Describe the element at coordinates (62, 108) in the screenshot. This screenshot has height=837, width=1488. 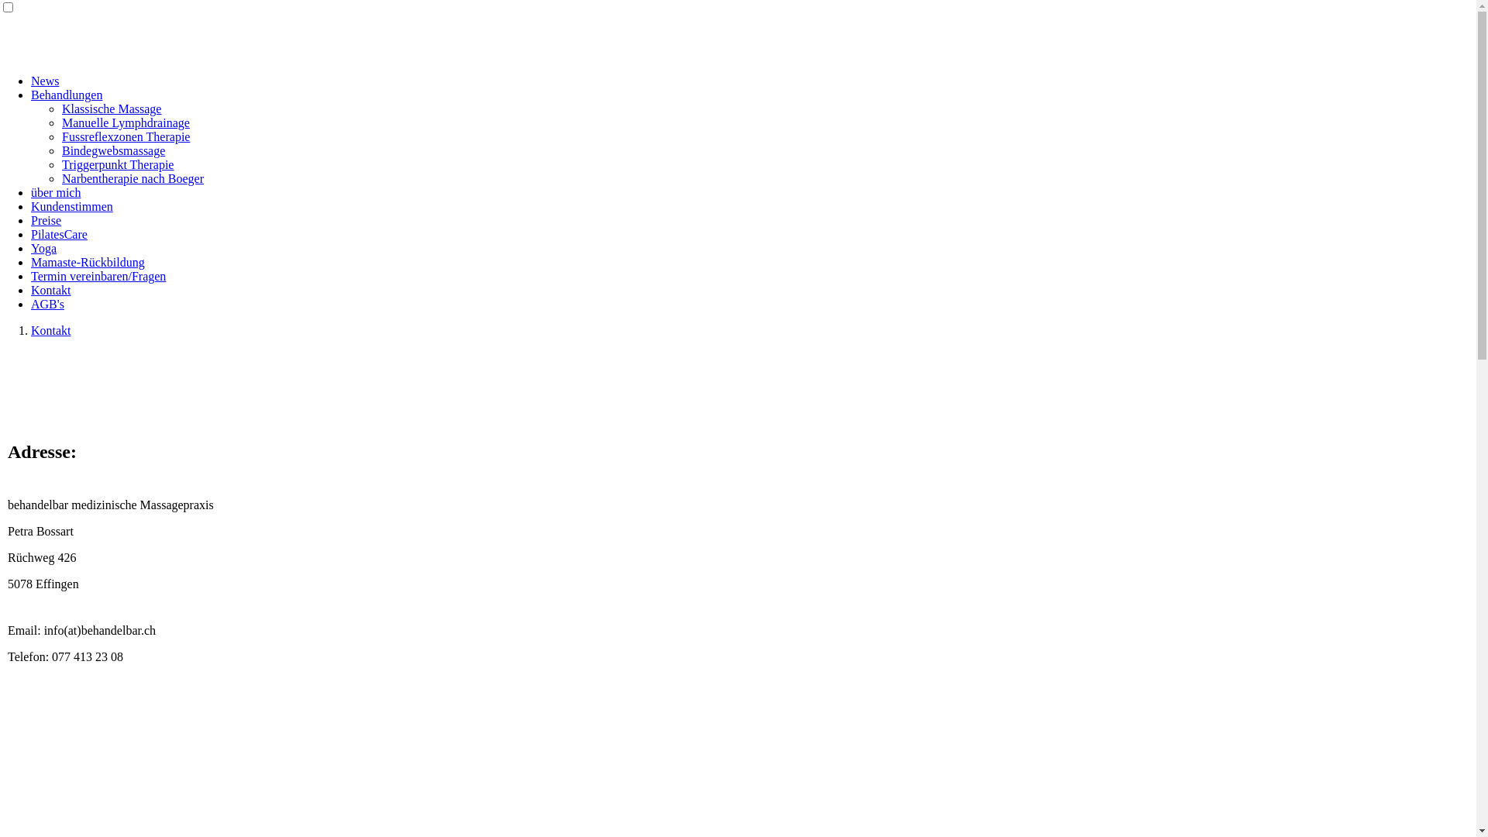
I see `'Klassische Massage'` at that location.